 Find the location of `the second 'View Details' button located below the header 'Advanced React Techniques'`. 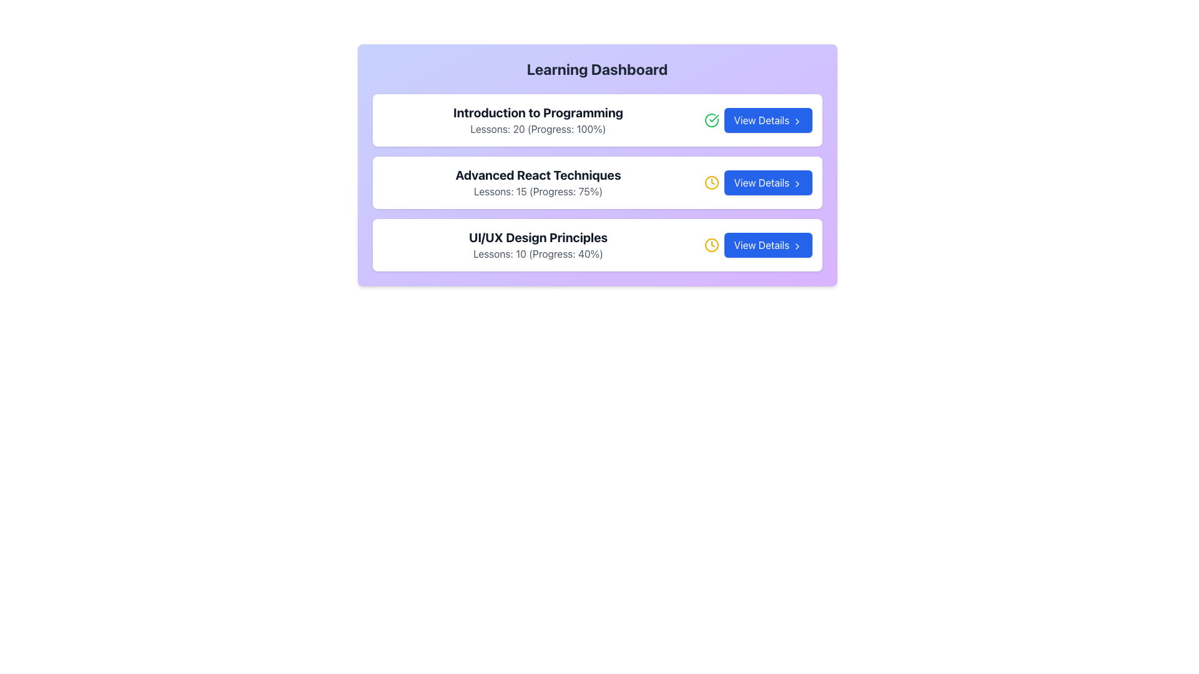

the second 'View Details' button located below the header 'Advanced React Techniques' is located at coordinates (757, 183).